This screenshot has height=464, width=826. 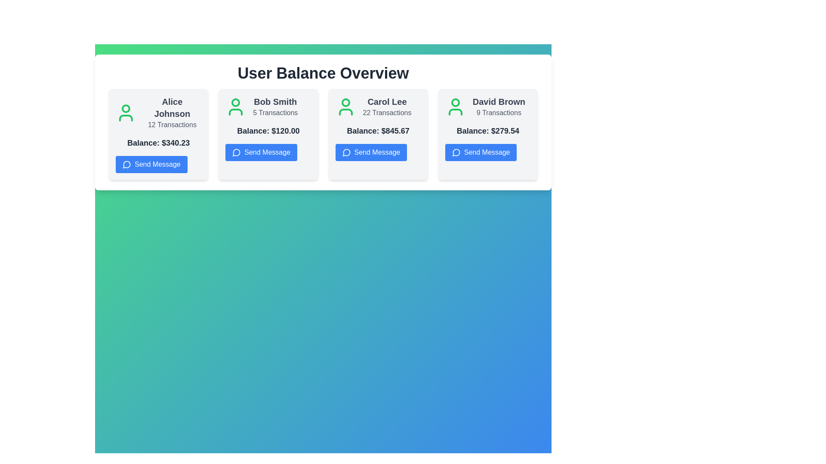 I want to click on the user avatar icon styled in green, located in the 'Bob Smith' user balance card, positioned at the top left near the user's name, so click(x=236, y=107).